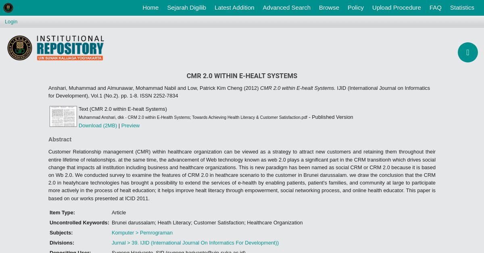  Describe the element at coordinates (11, 21) in the screenshot. I see `'Login'` at that location.